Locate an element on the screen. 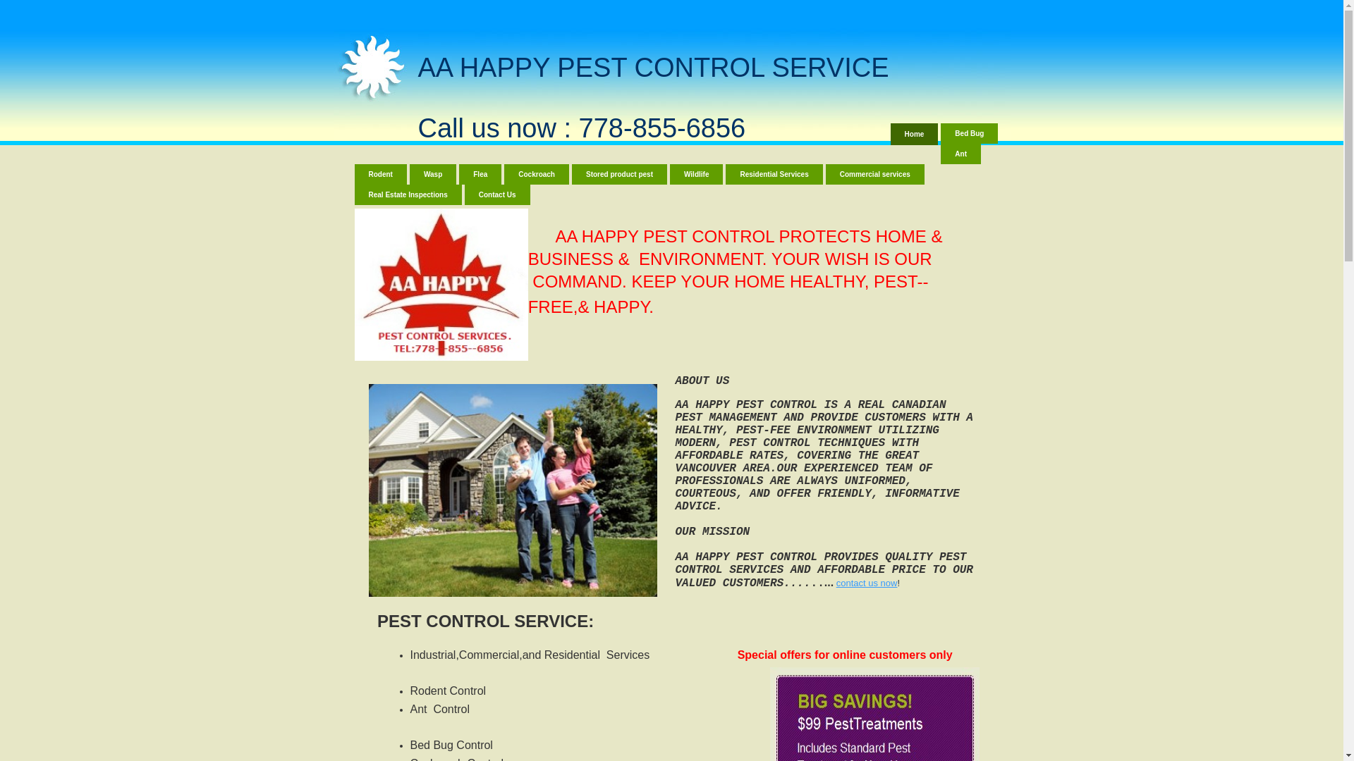 This screenshot has height=761, width=1354. 'contact us now' is located at coordinates (836, 583).